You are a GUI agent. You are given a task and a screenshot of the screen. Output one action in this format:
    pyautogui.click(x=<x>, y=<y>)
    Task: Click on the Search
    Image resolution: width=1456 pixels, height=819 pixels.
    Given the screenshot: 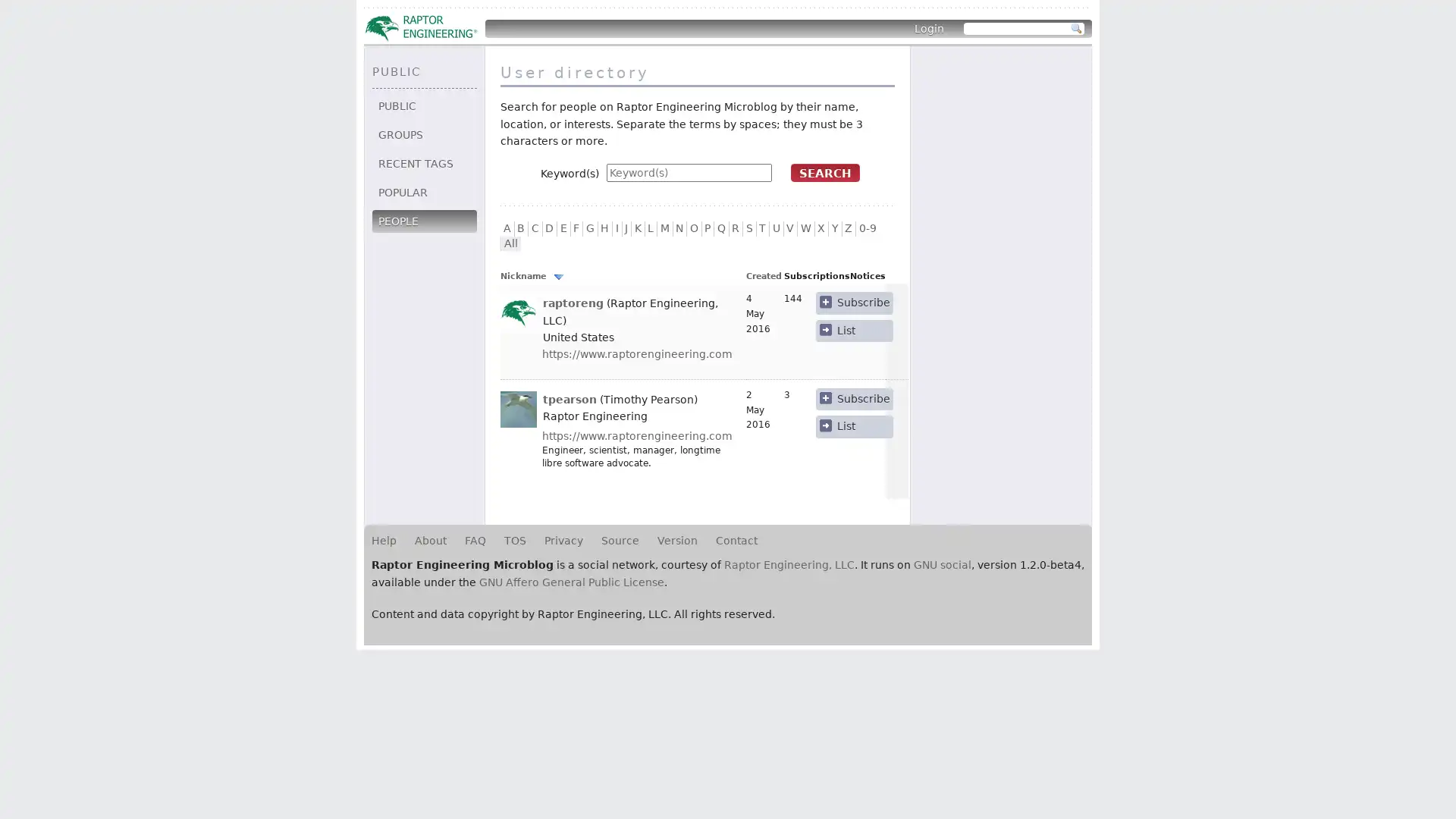 What is the action you would take?
    pyautogui.click(x=1076, y=29)
    